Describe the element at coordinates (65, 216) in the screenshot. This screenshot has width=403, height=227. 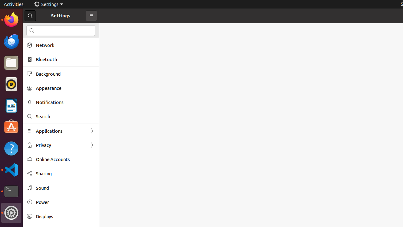
I see `'Displays'` at that location.